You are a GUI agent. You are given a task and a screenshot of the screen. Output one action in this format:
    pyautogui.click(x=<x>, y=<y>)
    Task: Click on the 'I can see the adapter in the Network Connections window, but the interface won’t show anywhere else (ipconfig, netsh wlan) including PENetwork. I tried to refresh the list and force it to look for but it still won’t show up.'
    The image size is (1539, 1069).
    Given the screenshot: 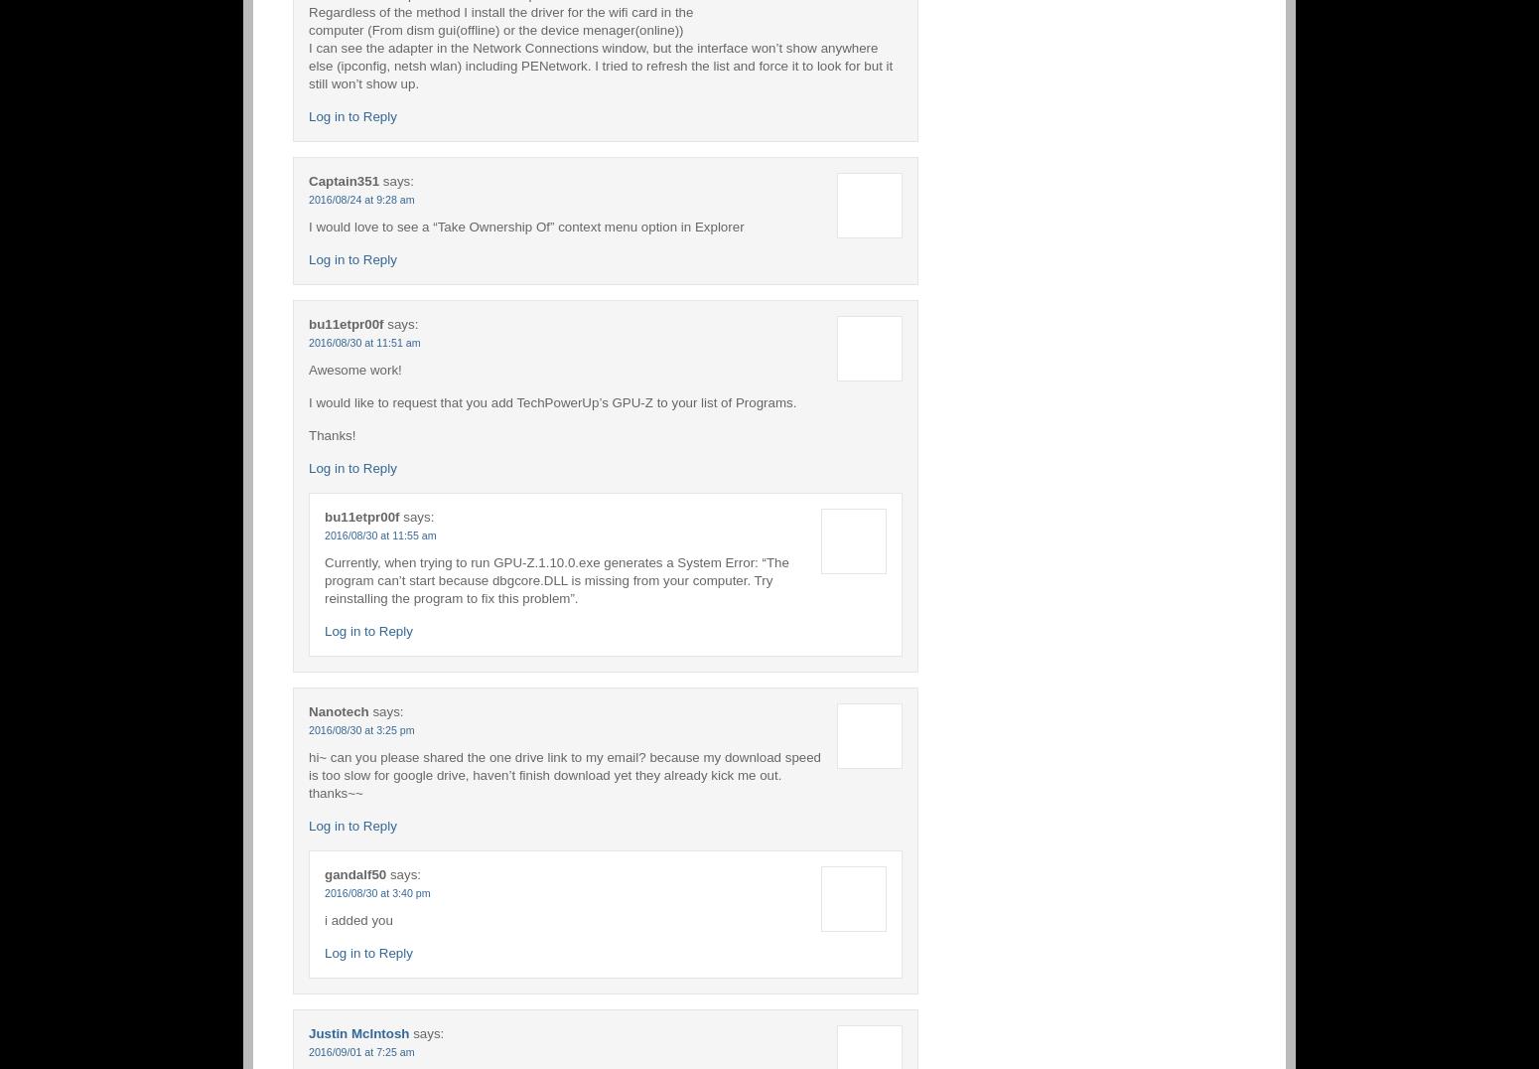 What is the action you would take?
    pyautogui.click(x=600, y=65)
    